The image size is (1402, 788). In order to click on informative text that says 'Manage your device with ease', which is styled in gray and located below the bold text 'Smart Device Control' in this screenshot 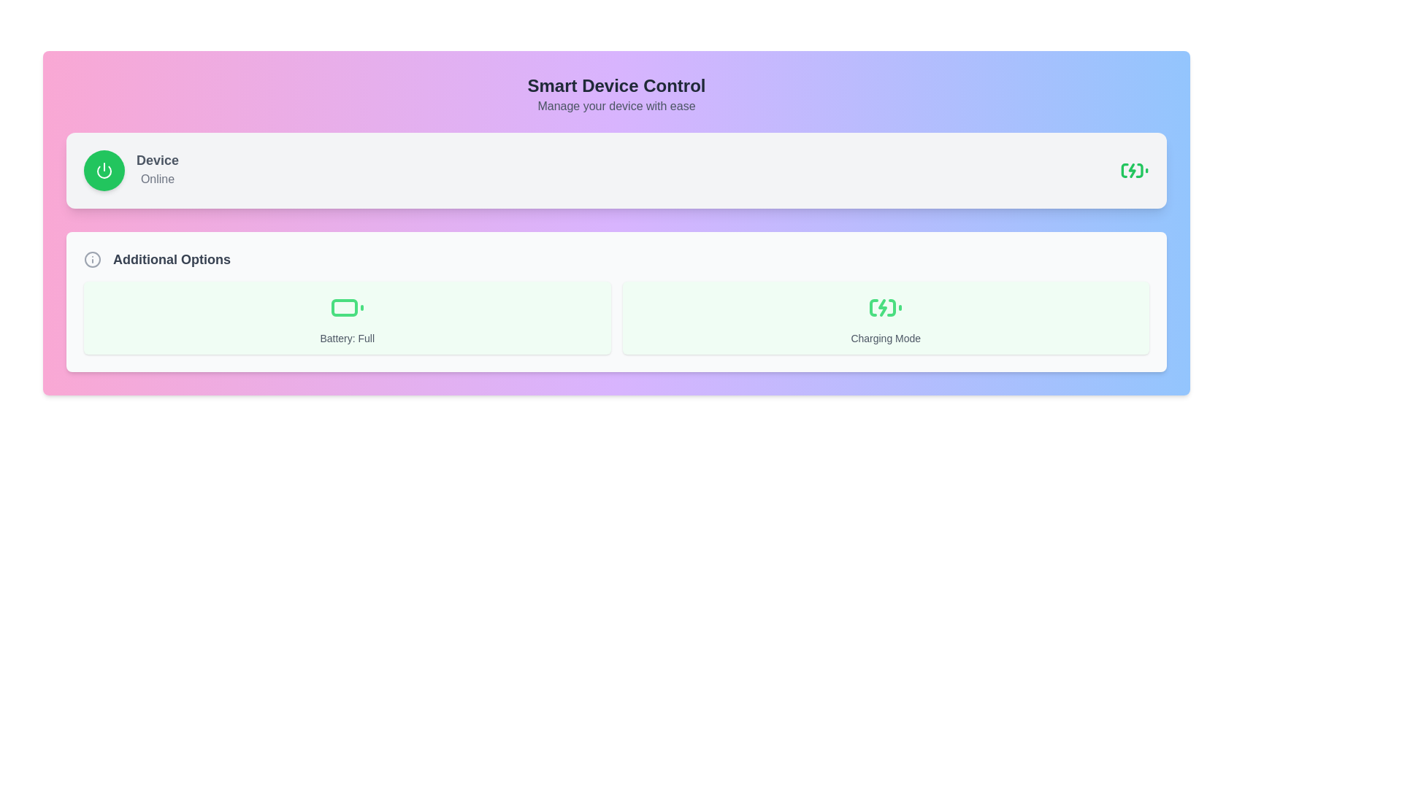, I will do `click(616, 106)`.